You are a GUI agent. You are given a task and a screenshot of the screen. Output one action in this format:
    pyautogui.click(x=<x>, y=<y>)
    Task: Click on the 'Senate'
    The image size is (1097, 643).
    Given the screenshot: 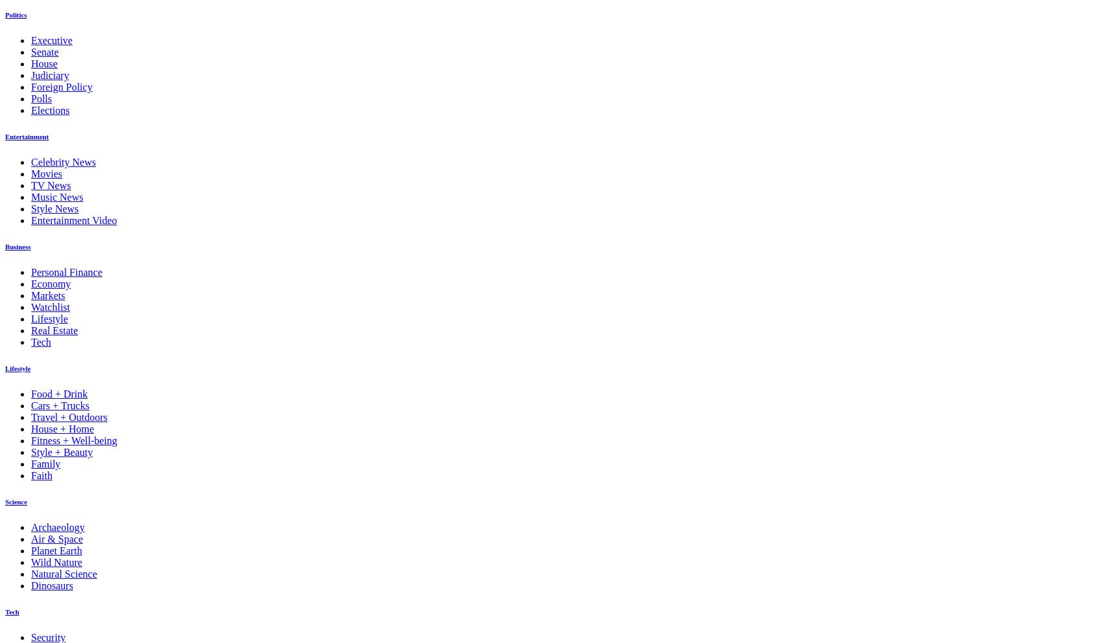 What is the action you would take?
    pyautogui.click(x=44, y=51)
    